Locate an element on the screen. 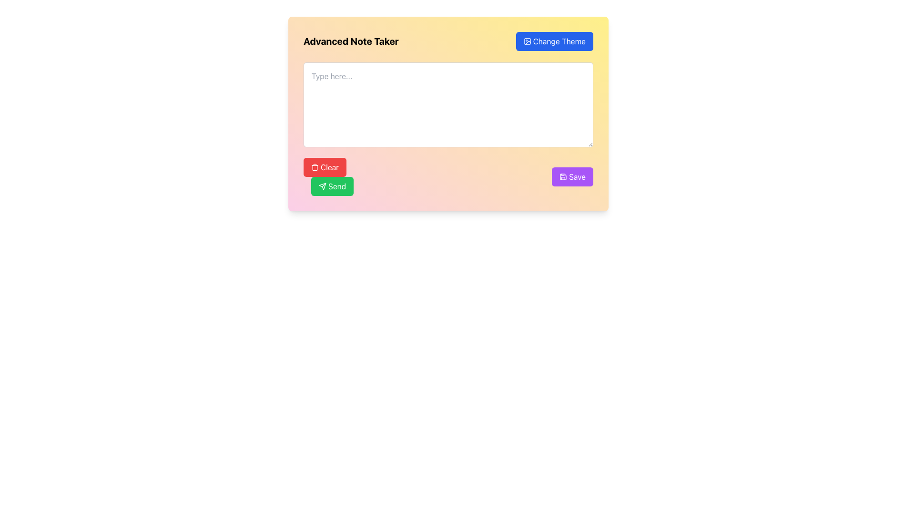  the green 'Send' button featuring a paper plane icon is located at coordinates (332, 186).